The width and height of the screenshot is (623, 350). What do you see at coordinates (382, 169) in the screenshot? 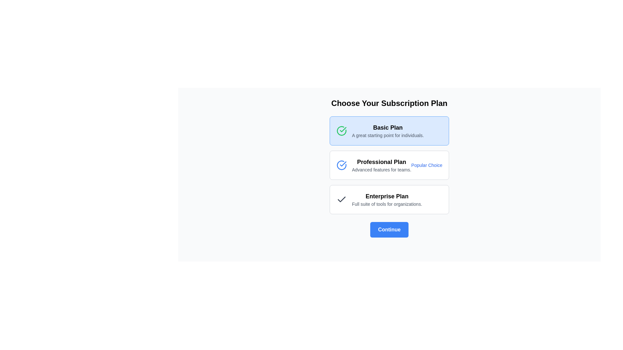
I see `the text label reading 'Advanced features for teams.' located below the 'Professional Plan' header in the subscription selection interface` at bounding box center [382, 169].